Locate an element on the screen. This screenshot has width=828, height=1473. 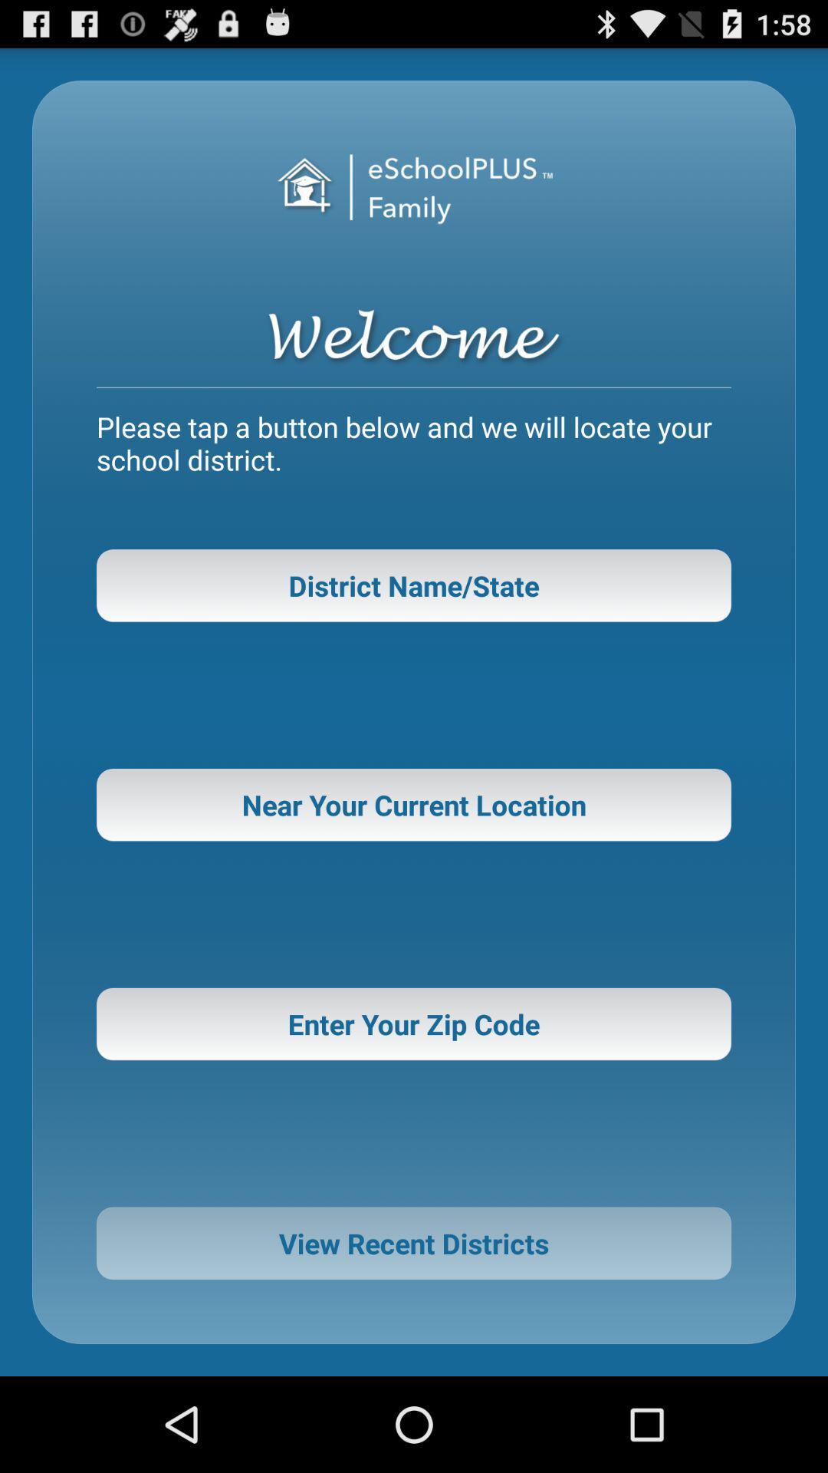
button below the near your current is located at coordinates (414, 1023).